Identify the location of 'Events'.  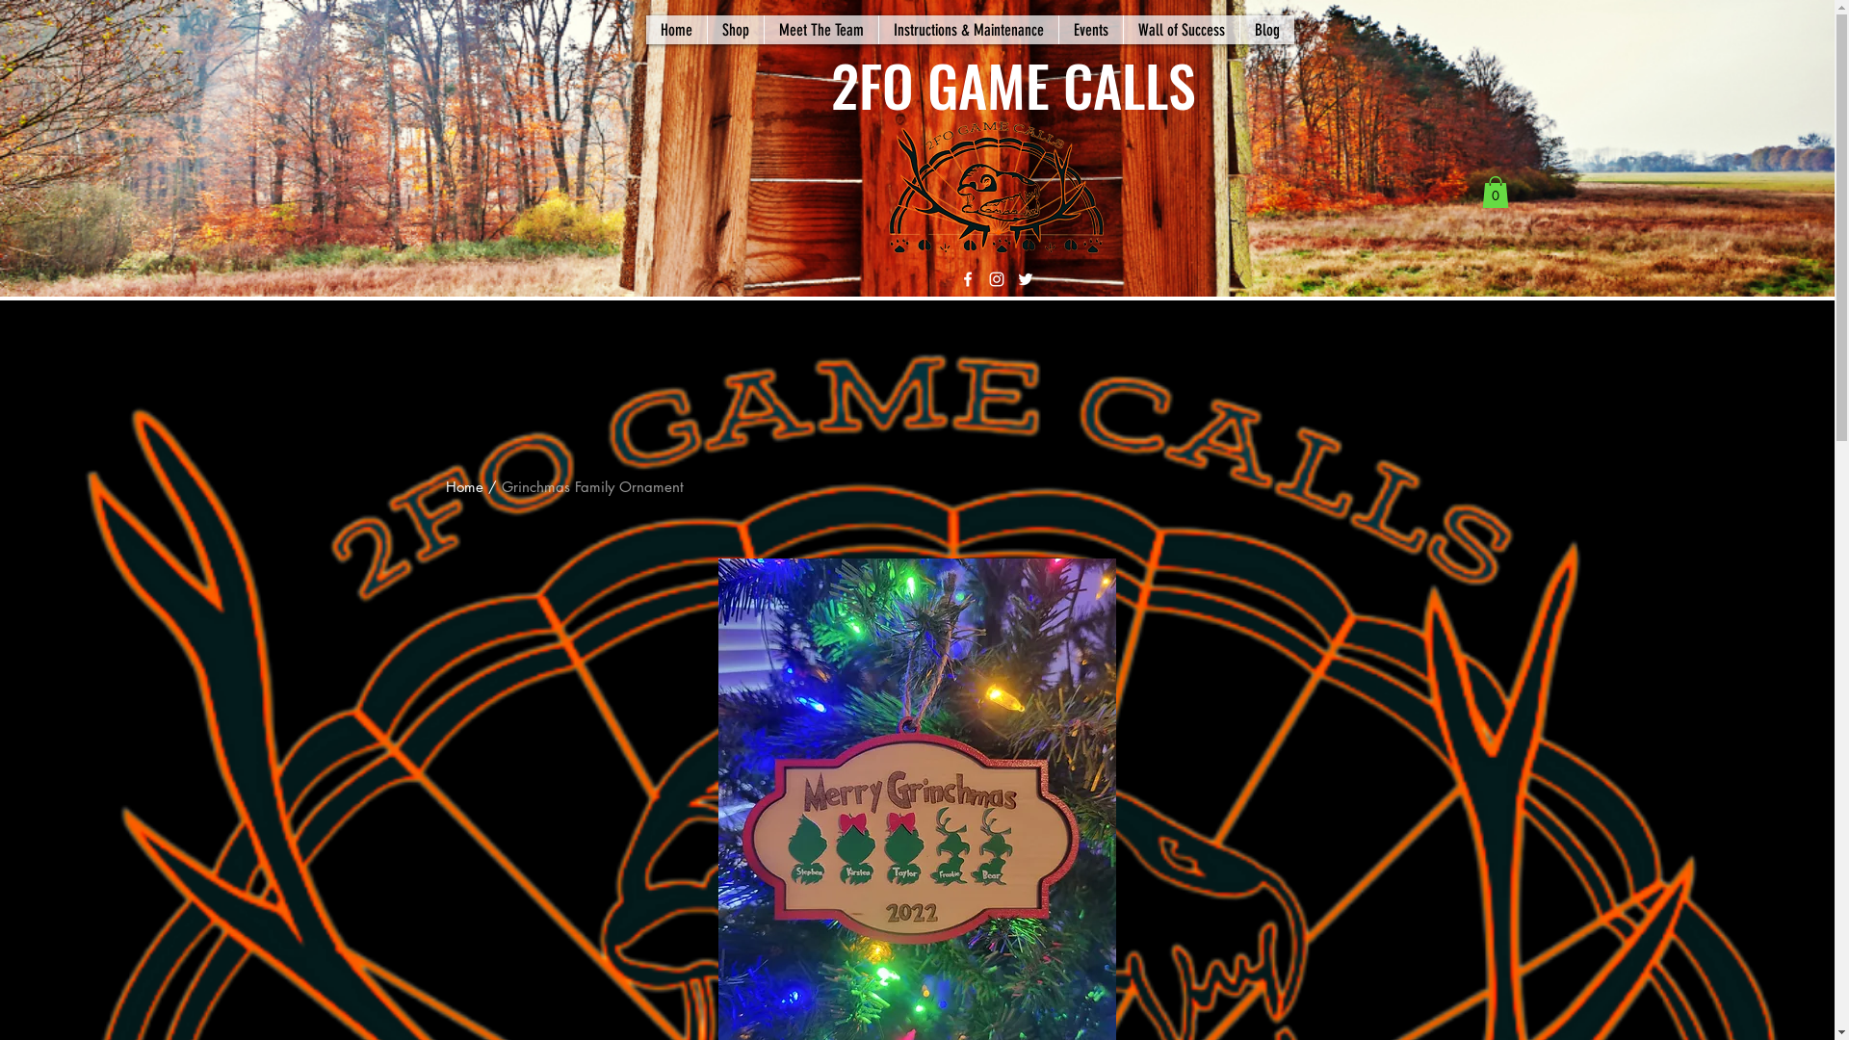
(1090, 29).